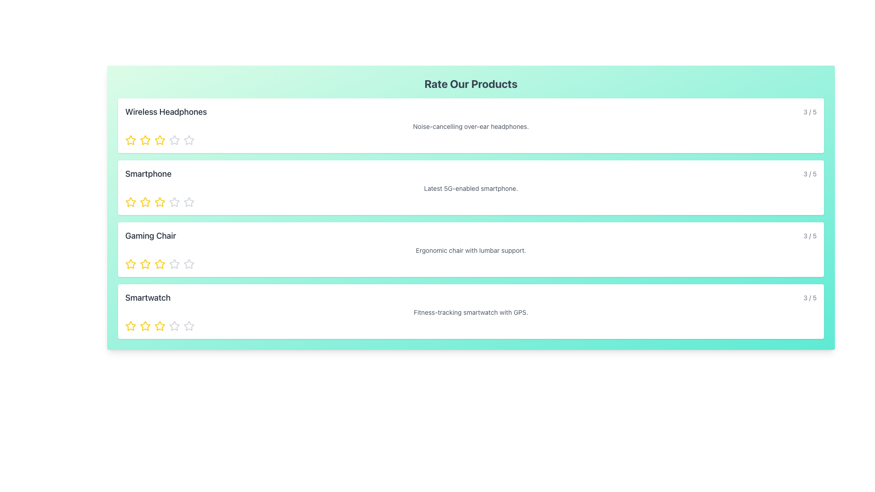  I want to click on the second yellow star icon in the rating section, so click(144, 201).